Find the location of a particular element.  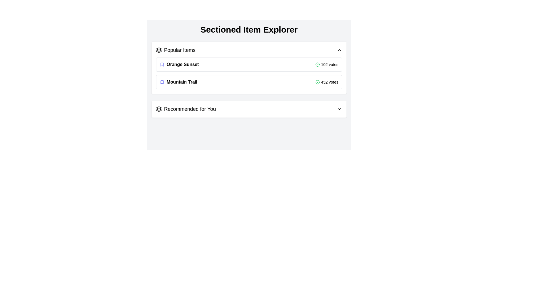

the verified status icon located adjacent to the text '452 votes' in the 'Mountain Trail' entry under the 'Popular Items' section is located at coordinates (318, 82).